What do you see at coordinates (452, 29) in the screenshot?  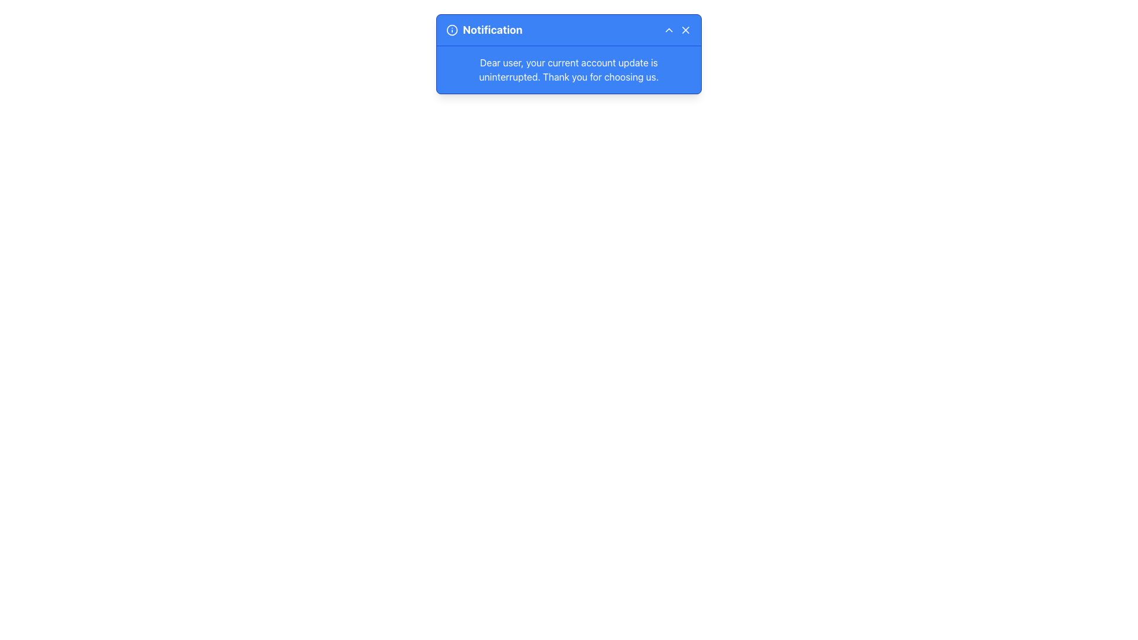 I see `the informational notification icon positioned to the left of the 'Notification' title text in the notification banner` at bounding box center [452, 29].